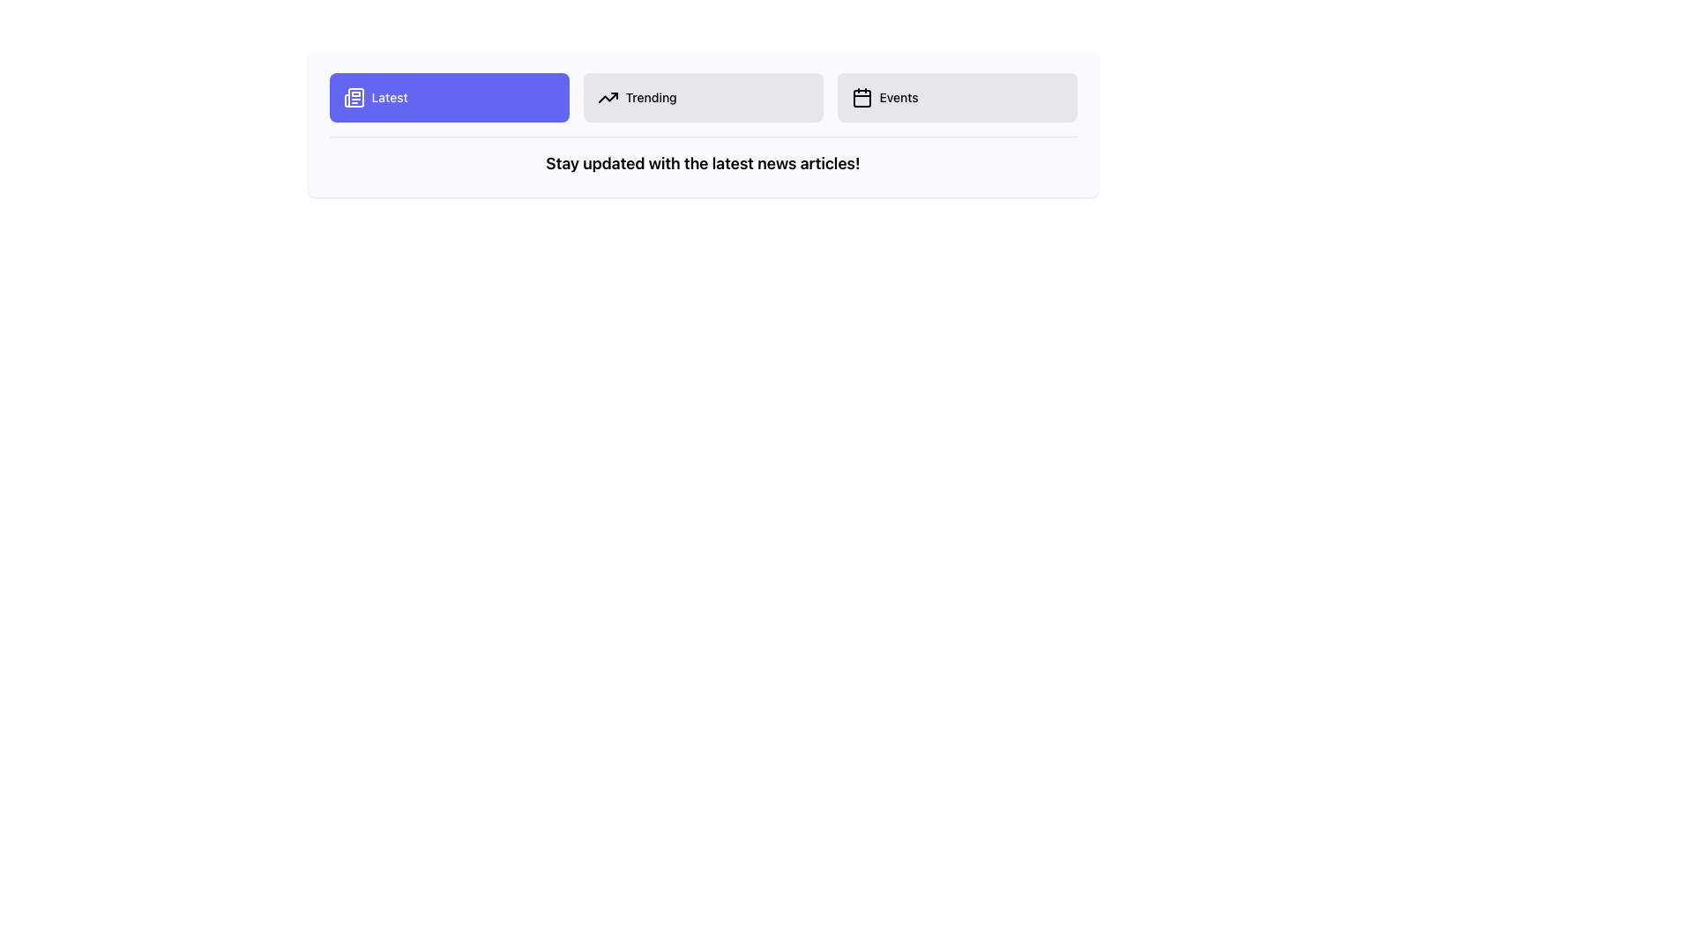 This screenshot has width=1693, height=952. I want to click on the 'Events' tab, which is represented by a rectangular element with rounded corners located within a calendar icon in the horizontal navigation bar, so click(861, 98).